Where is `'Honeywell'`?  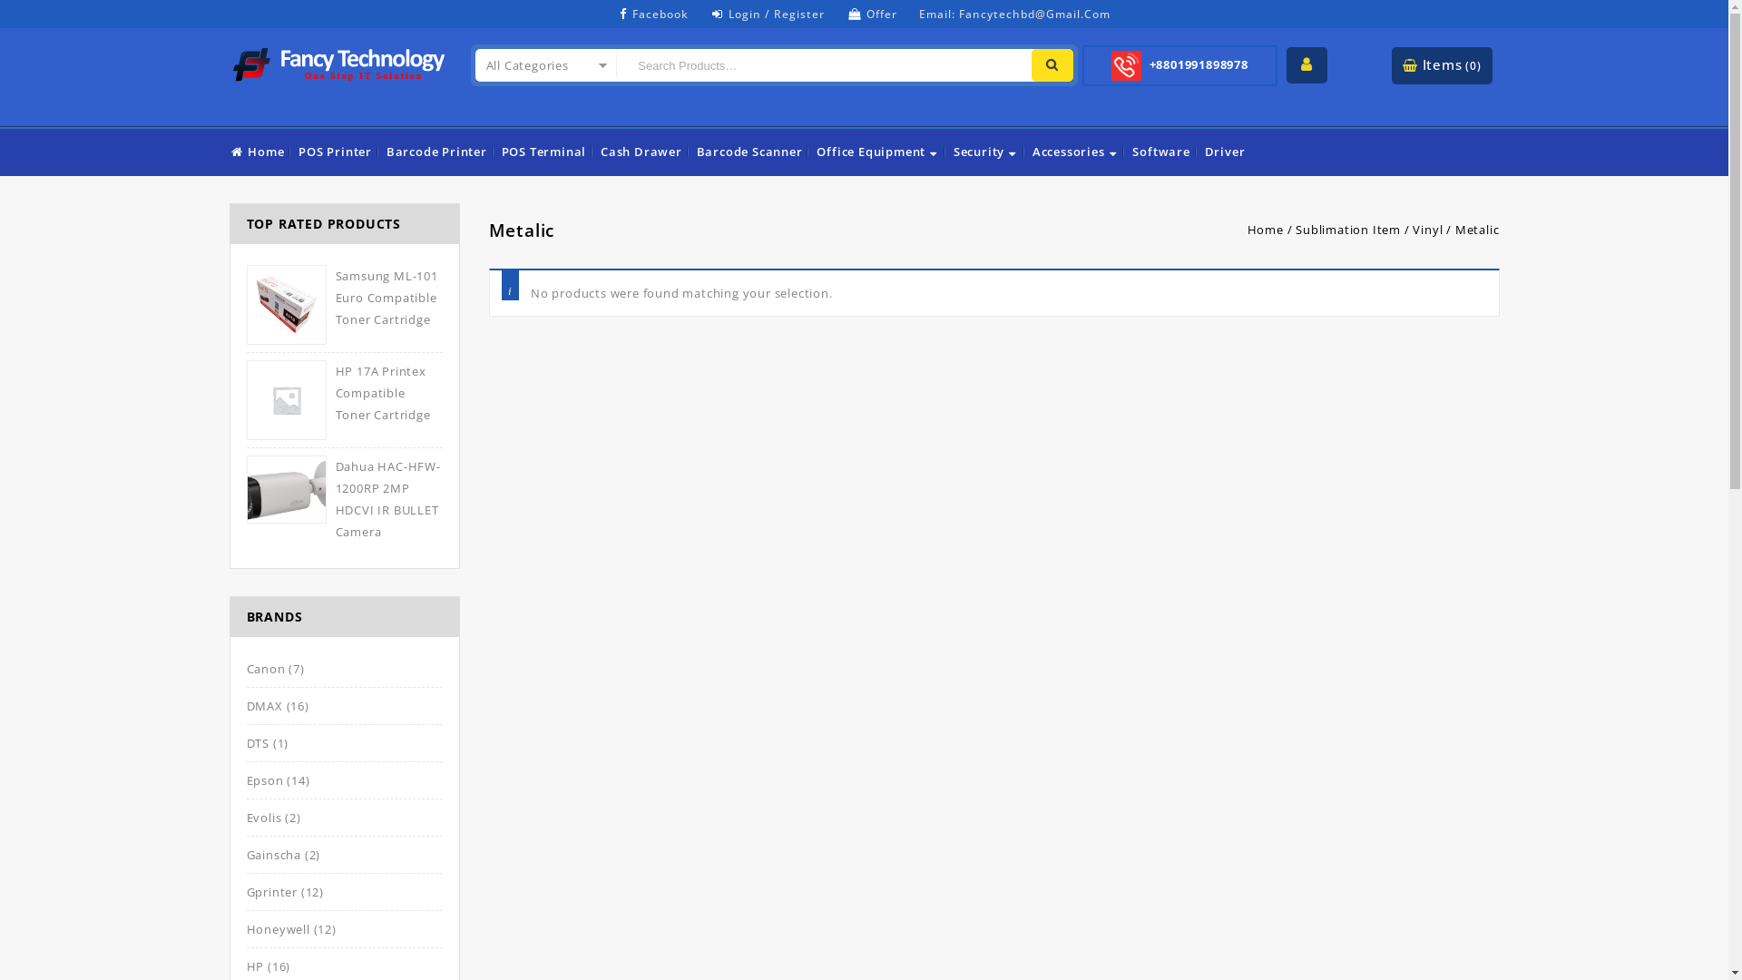 'Honeywell' is located at coordinates (246, 928).